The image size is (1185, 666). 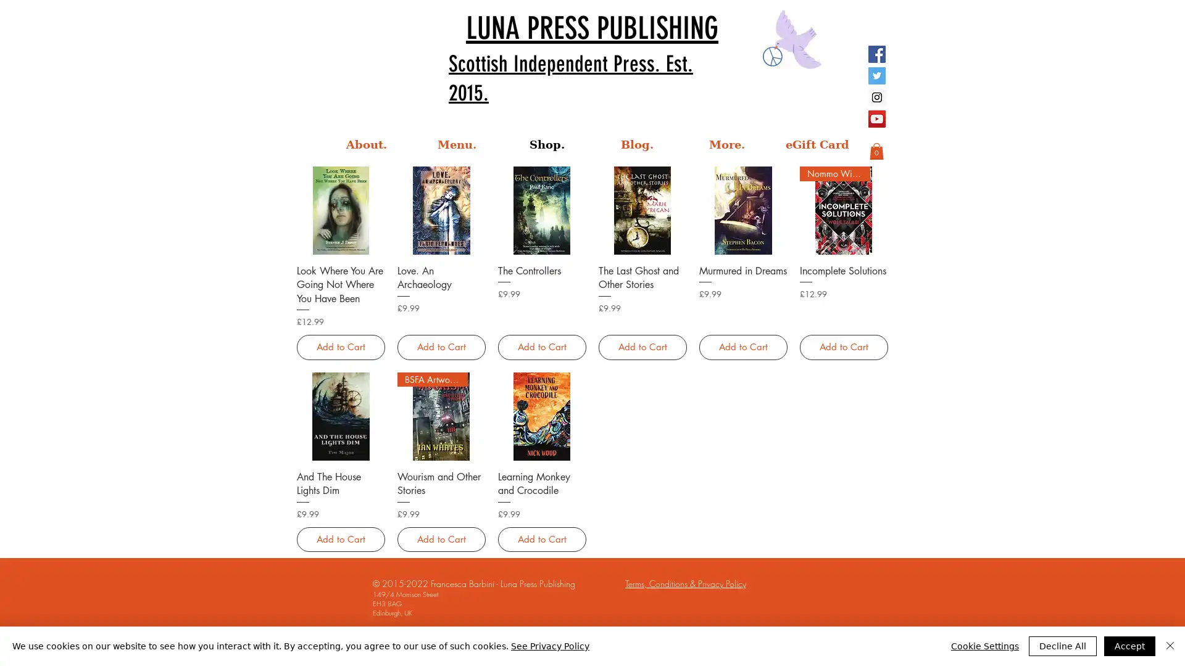 I want to click on Add to Cart, so click(x=742, y=347).